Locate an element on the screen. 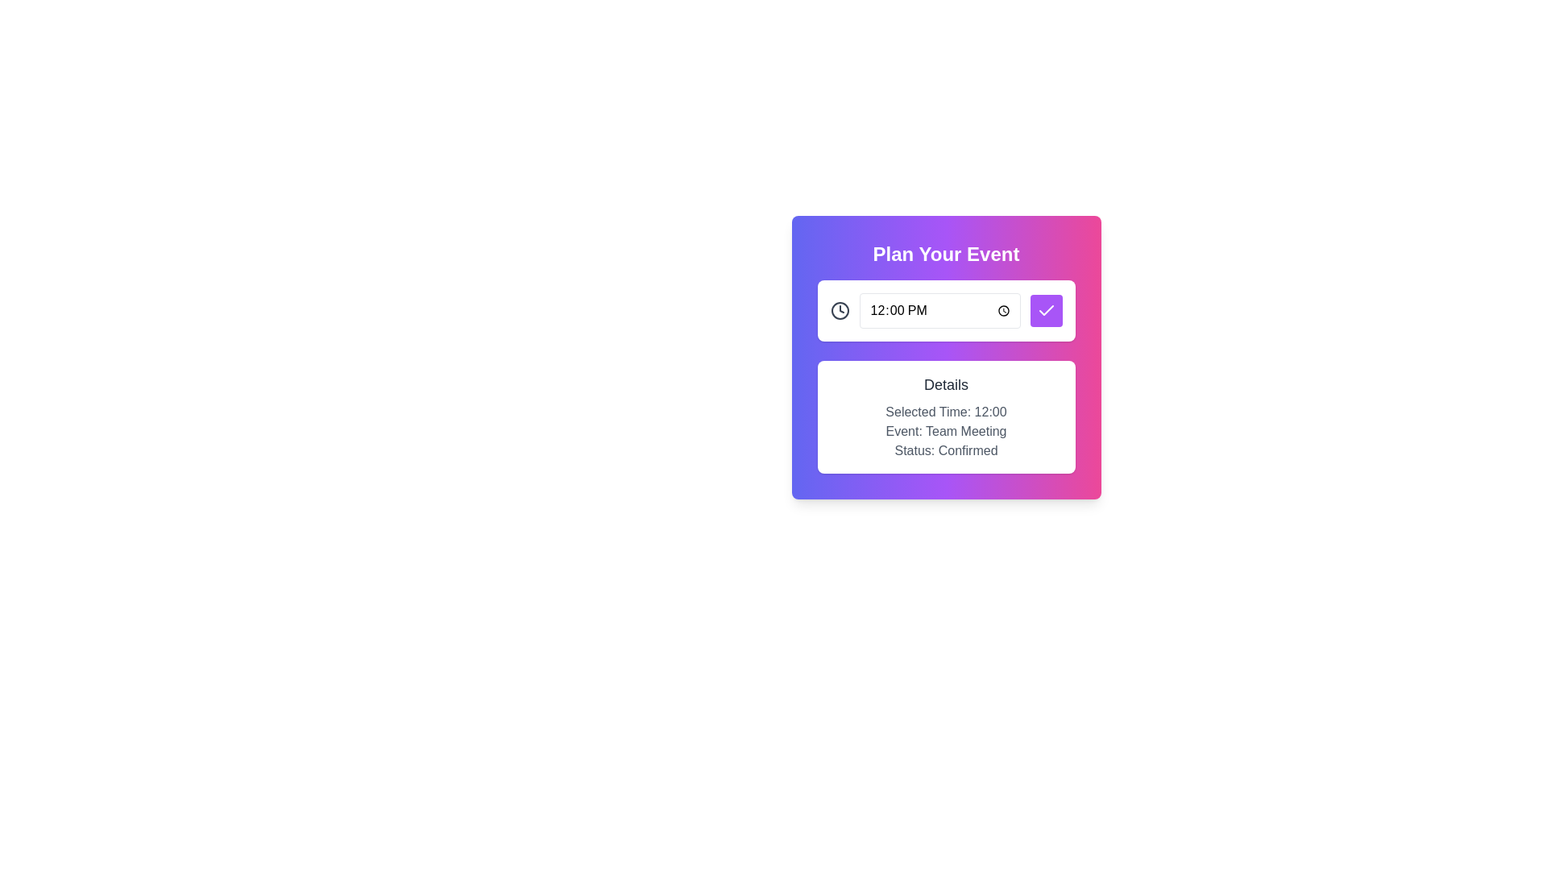  text label displaying 'Selected Time: 12:00' located in the 'Details' section of the interface, positioned beneath the title 'Details' is located at coordinates (946, 412).